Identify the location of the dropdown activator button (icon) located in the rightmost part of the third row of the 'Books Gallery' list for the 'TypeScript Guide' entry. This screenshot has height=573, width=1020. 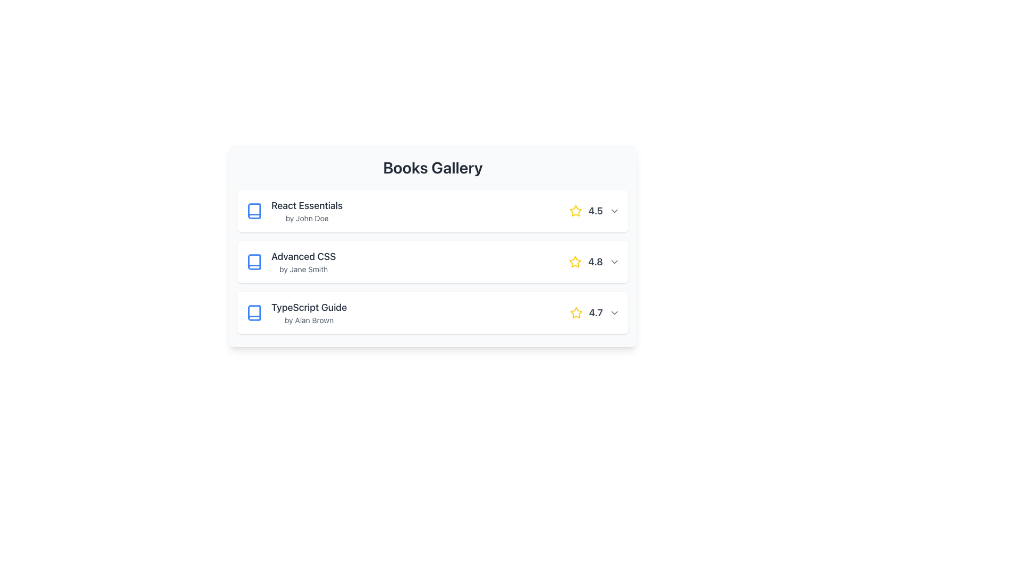
(614, 312).